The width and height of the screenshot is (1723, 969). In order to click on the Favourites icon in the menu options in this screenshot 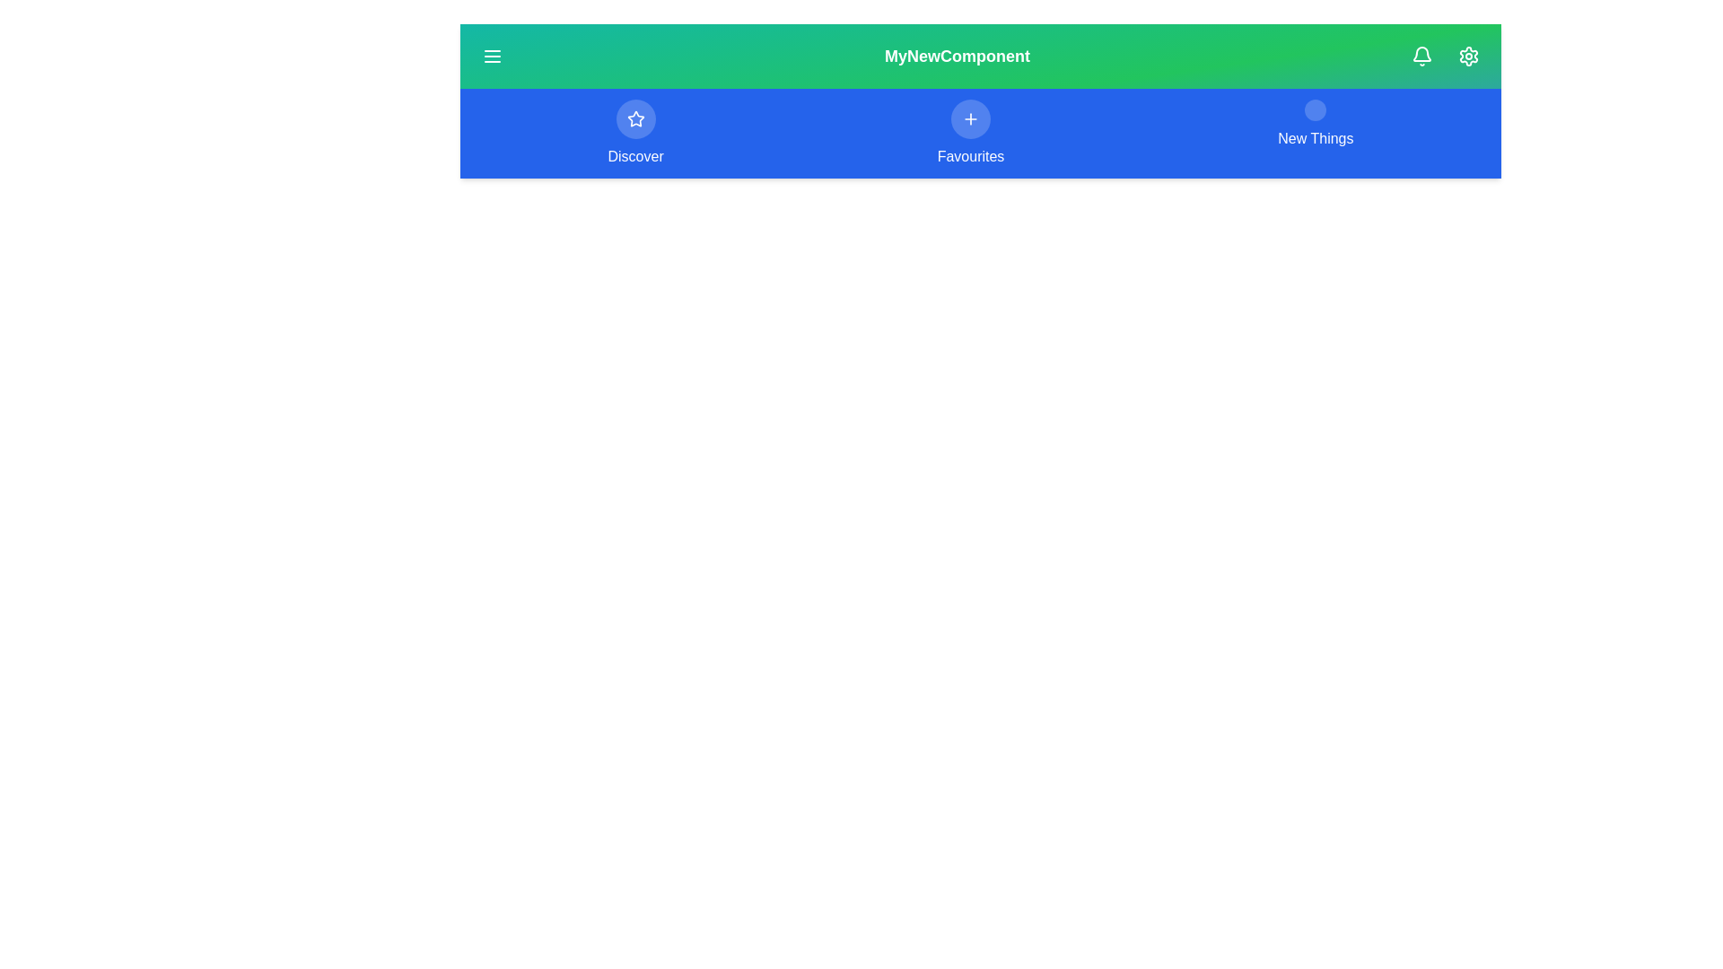, I will do `click(969, 118)`.